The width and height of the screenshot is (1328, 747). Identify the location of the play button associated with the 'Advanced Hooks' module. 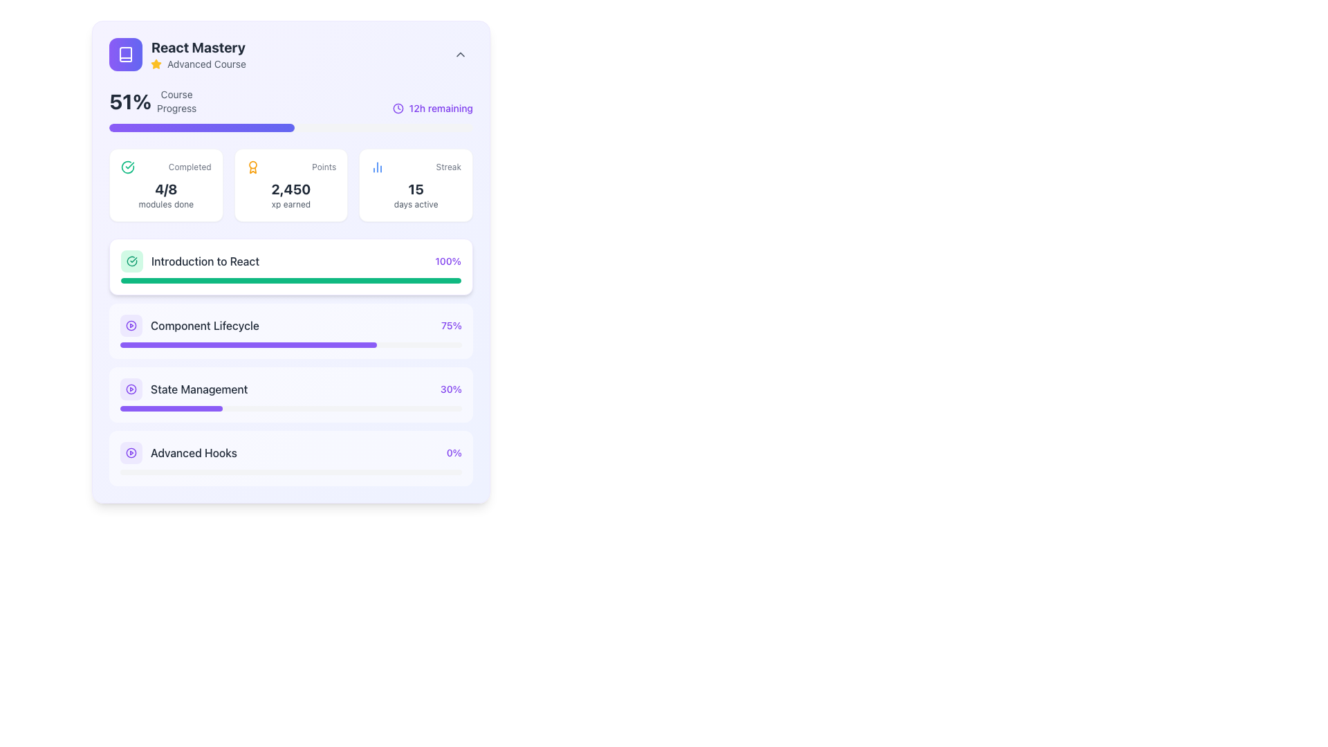
(131, 453).